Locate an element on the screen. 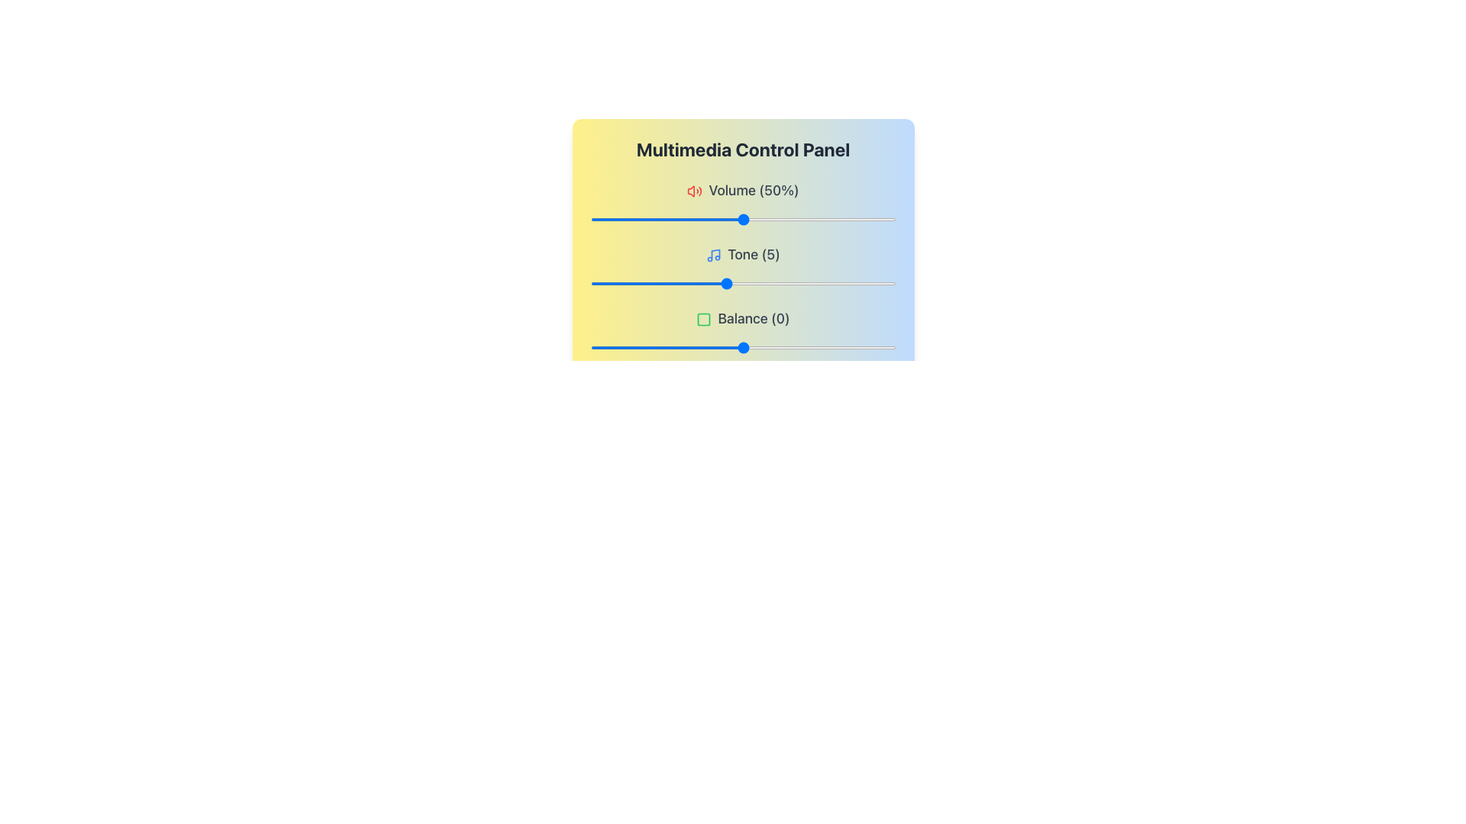  the tone value is located at coordinates (862, 283).